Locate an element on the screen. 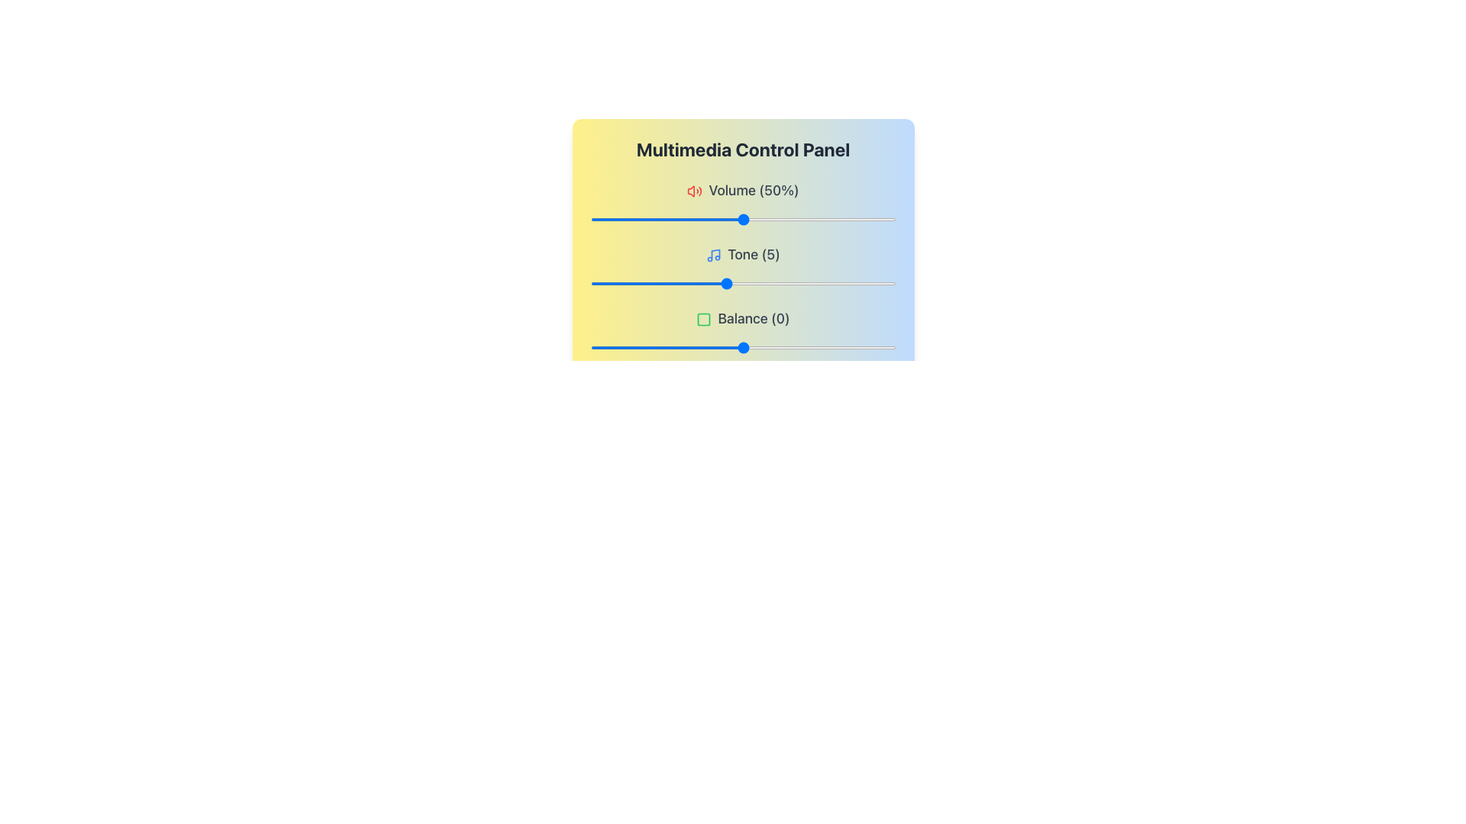  the tone value is located at coordinates (862, 283).